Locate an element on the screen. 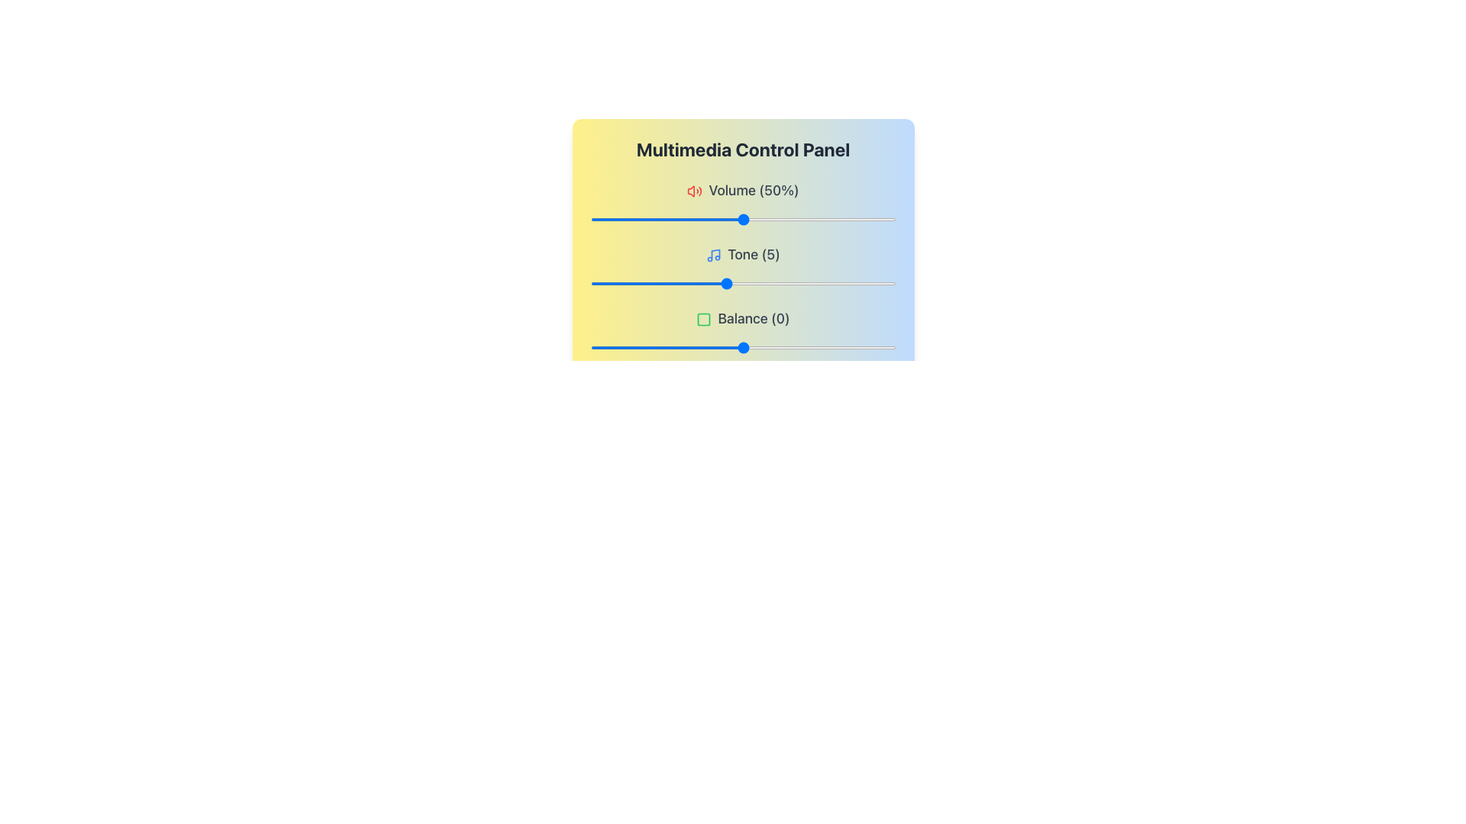  the tone value is located at coordinates (862, 283).